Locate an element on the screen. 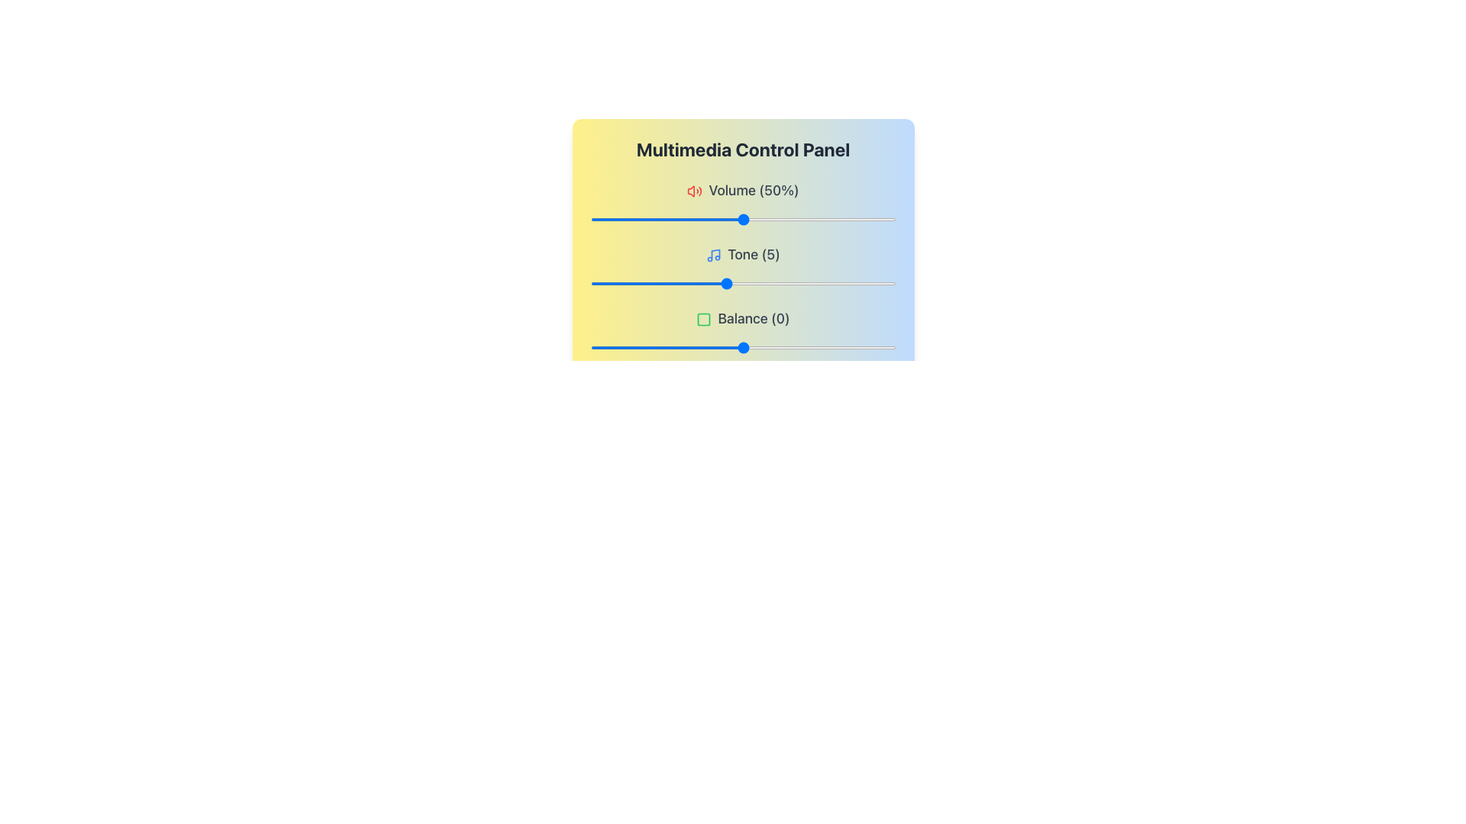  the tone value is located at coordinates (862, 283).